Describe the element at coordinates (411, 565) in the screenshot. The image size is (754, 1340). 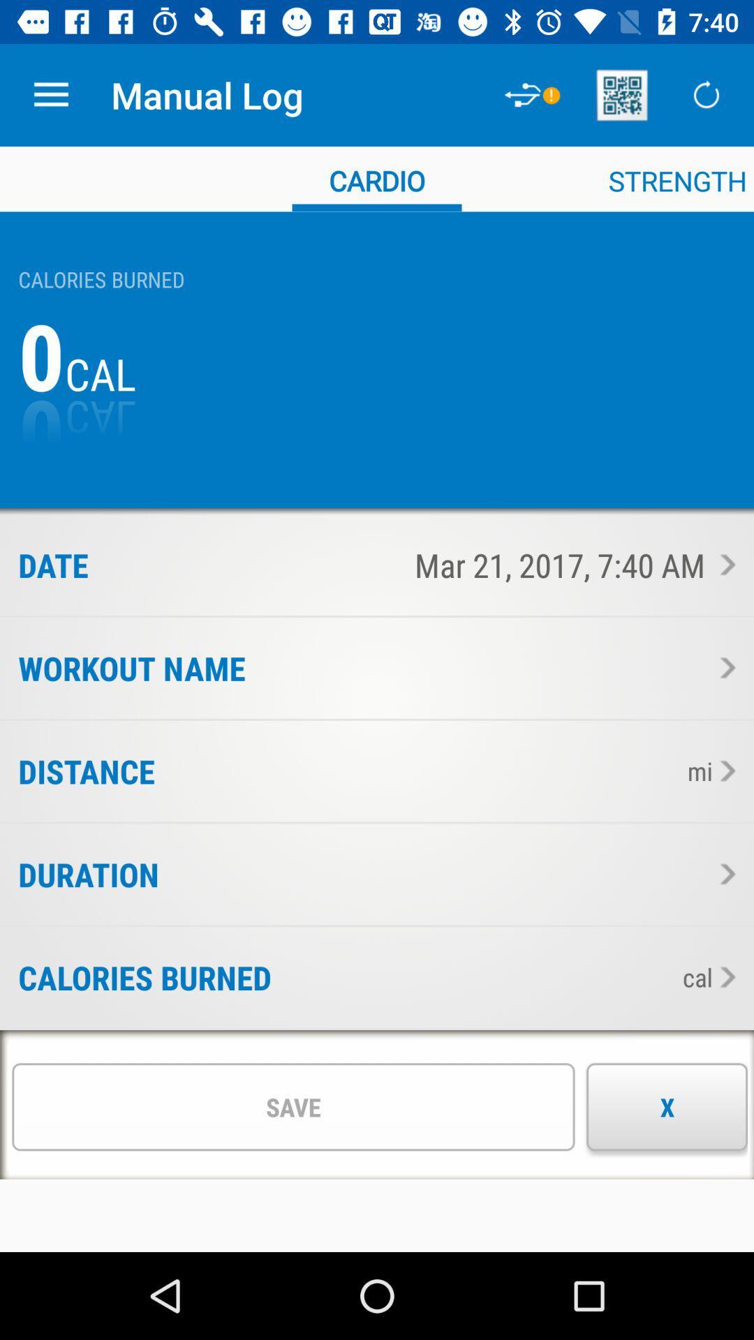
I see `the mar 21 2017 icon` at that location.